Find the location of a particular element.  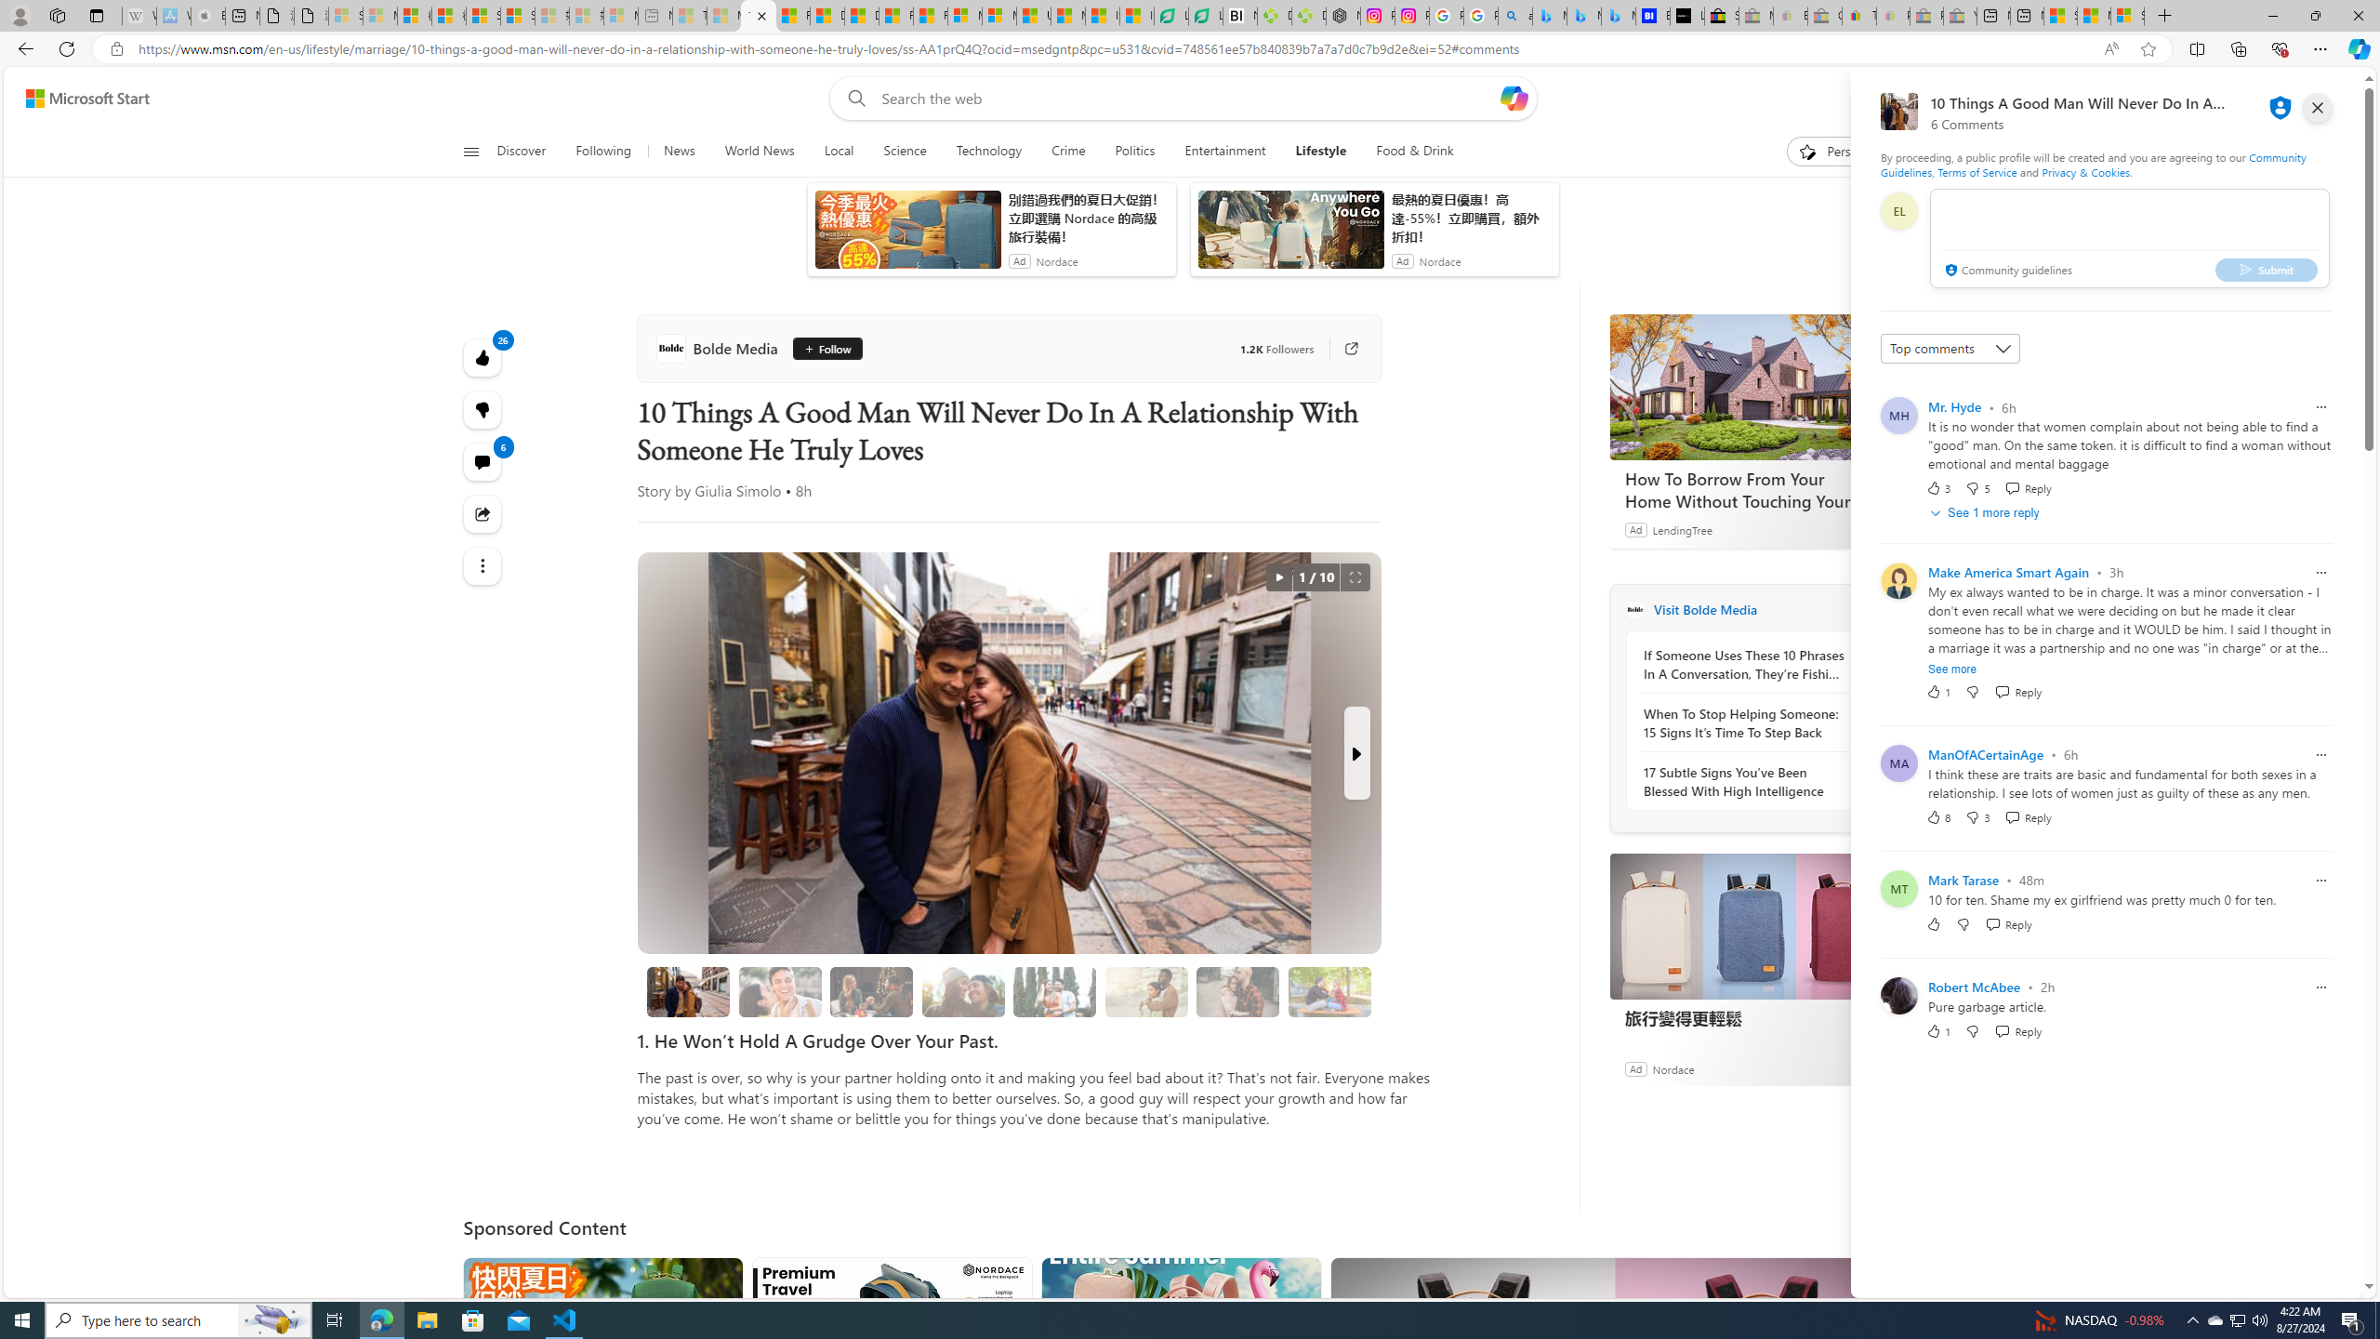

'LendingTree' is located at coordinates (1682, 528).